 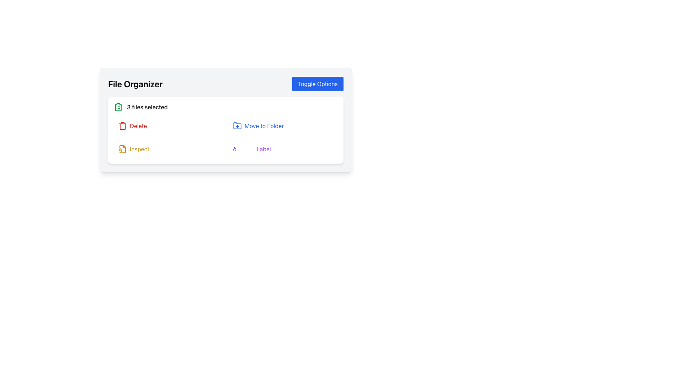 What do you see at coordinates (263, 149) in the screenshot?
I see `text label that displays 'Label' in vibrant purple color, which is part of a structured card interface and positioned next to a symbol` at bounding box center [263, 149].